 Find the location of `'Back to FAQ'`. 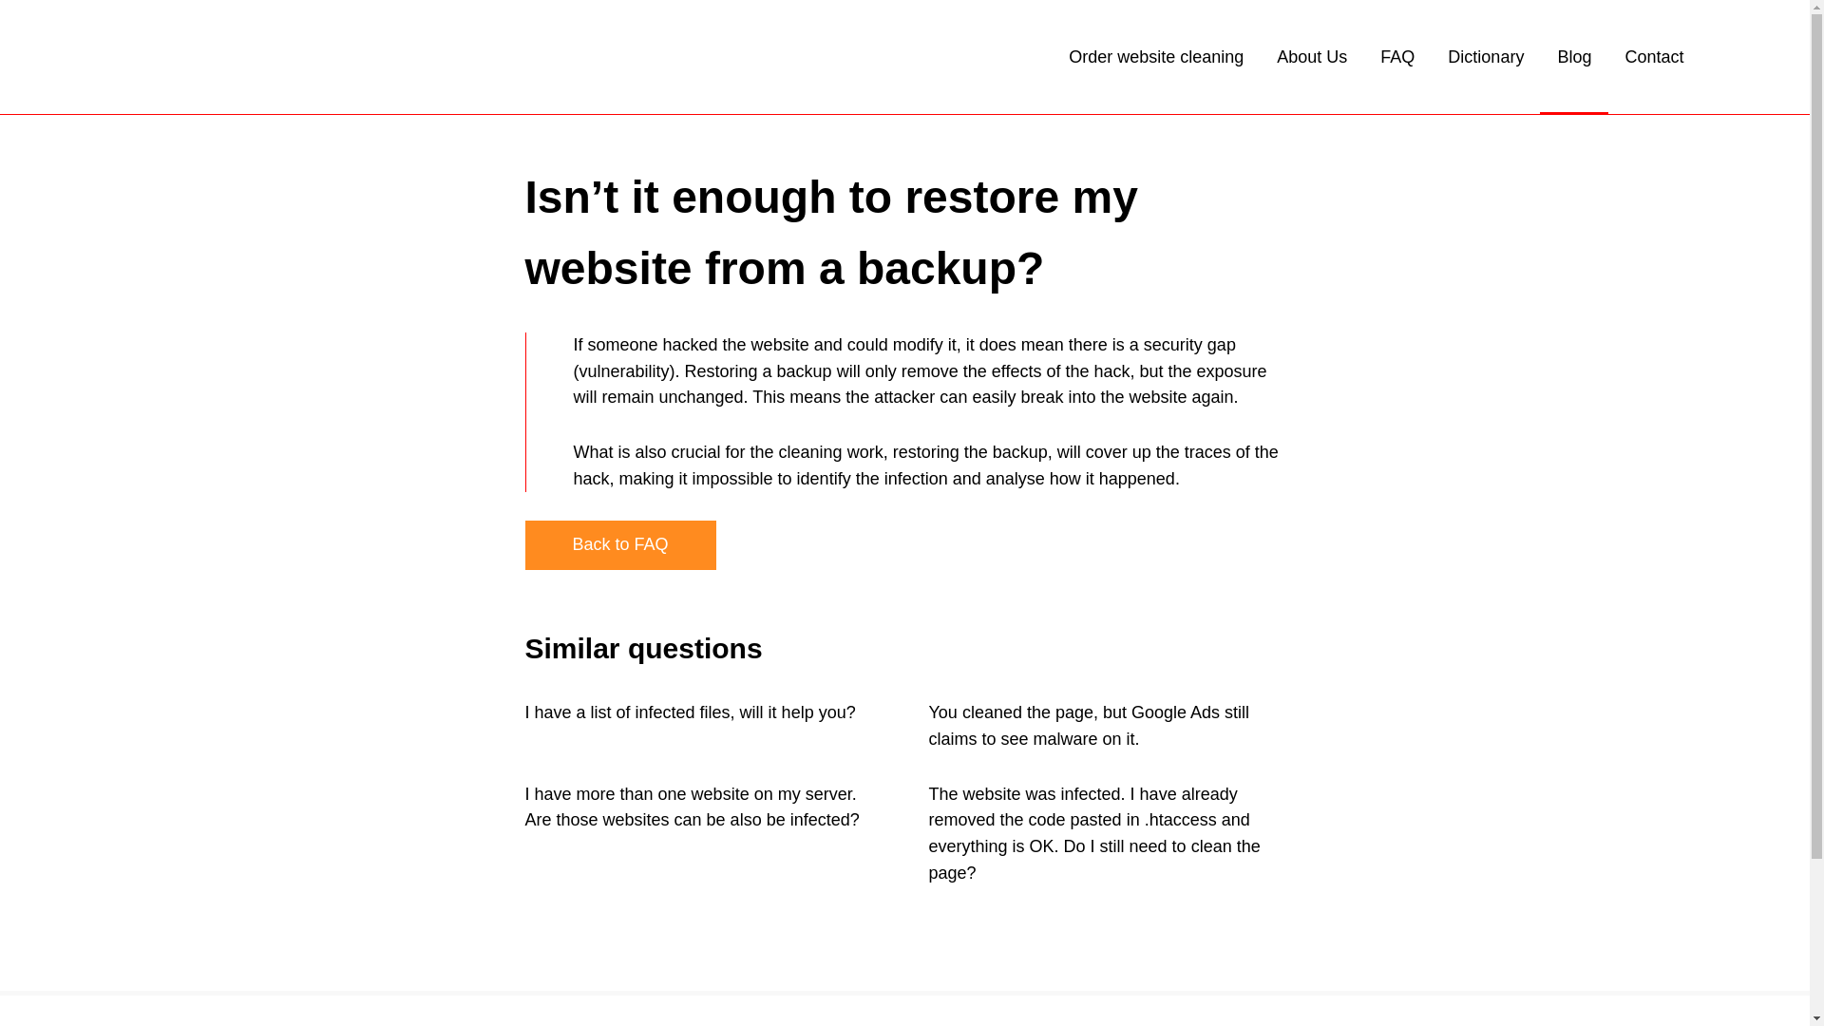

'Back to FAQ' is located at coordinates (619, 545).